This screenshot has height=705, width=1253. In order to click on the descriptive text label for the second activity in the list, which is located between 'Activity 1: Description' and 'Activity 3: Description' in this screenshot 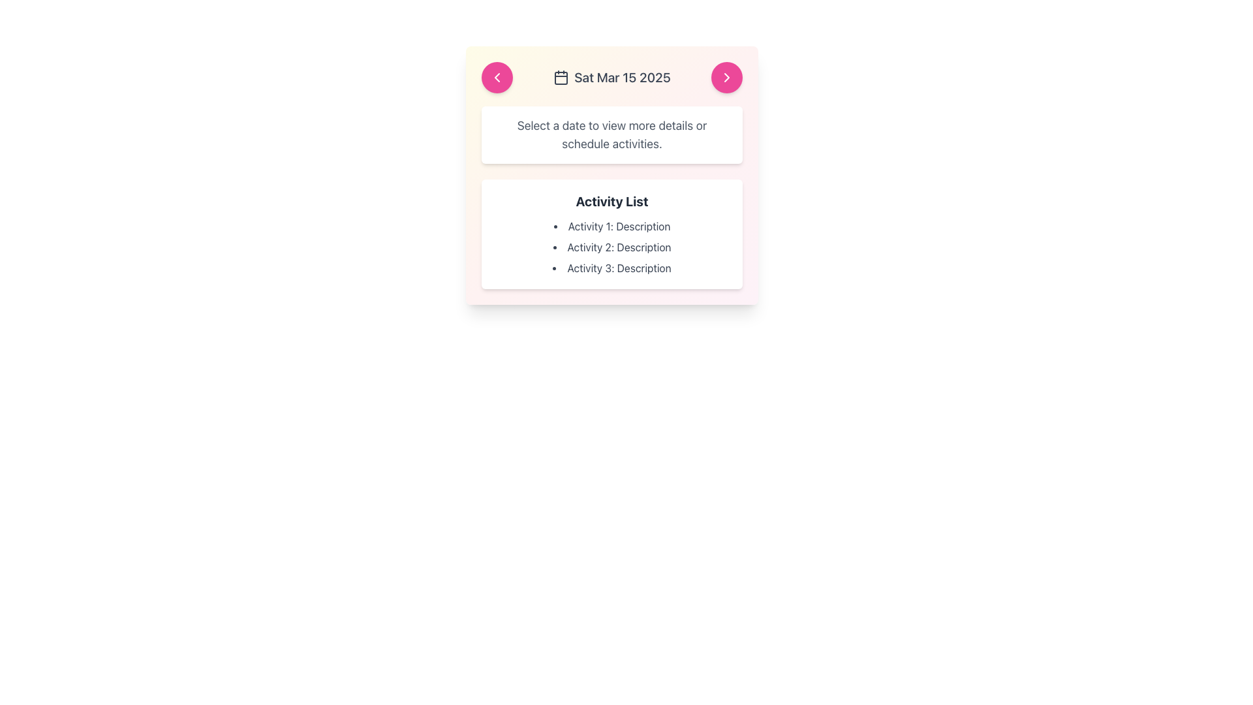, I will do `click(611, 247)`.